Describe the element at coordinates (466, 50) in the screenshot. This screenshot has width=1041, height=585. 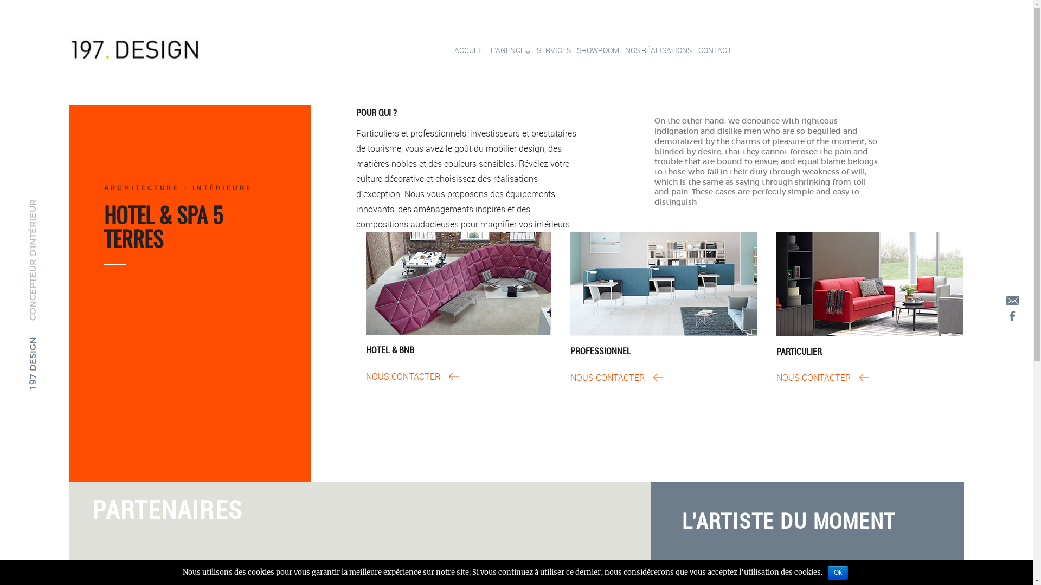
I see `'ACCUEIL'` at that location.